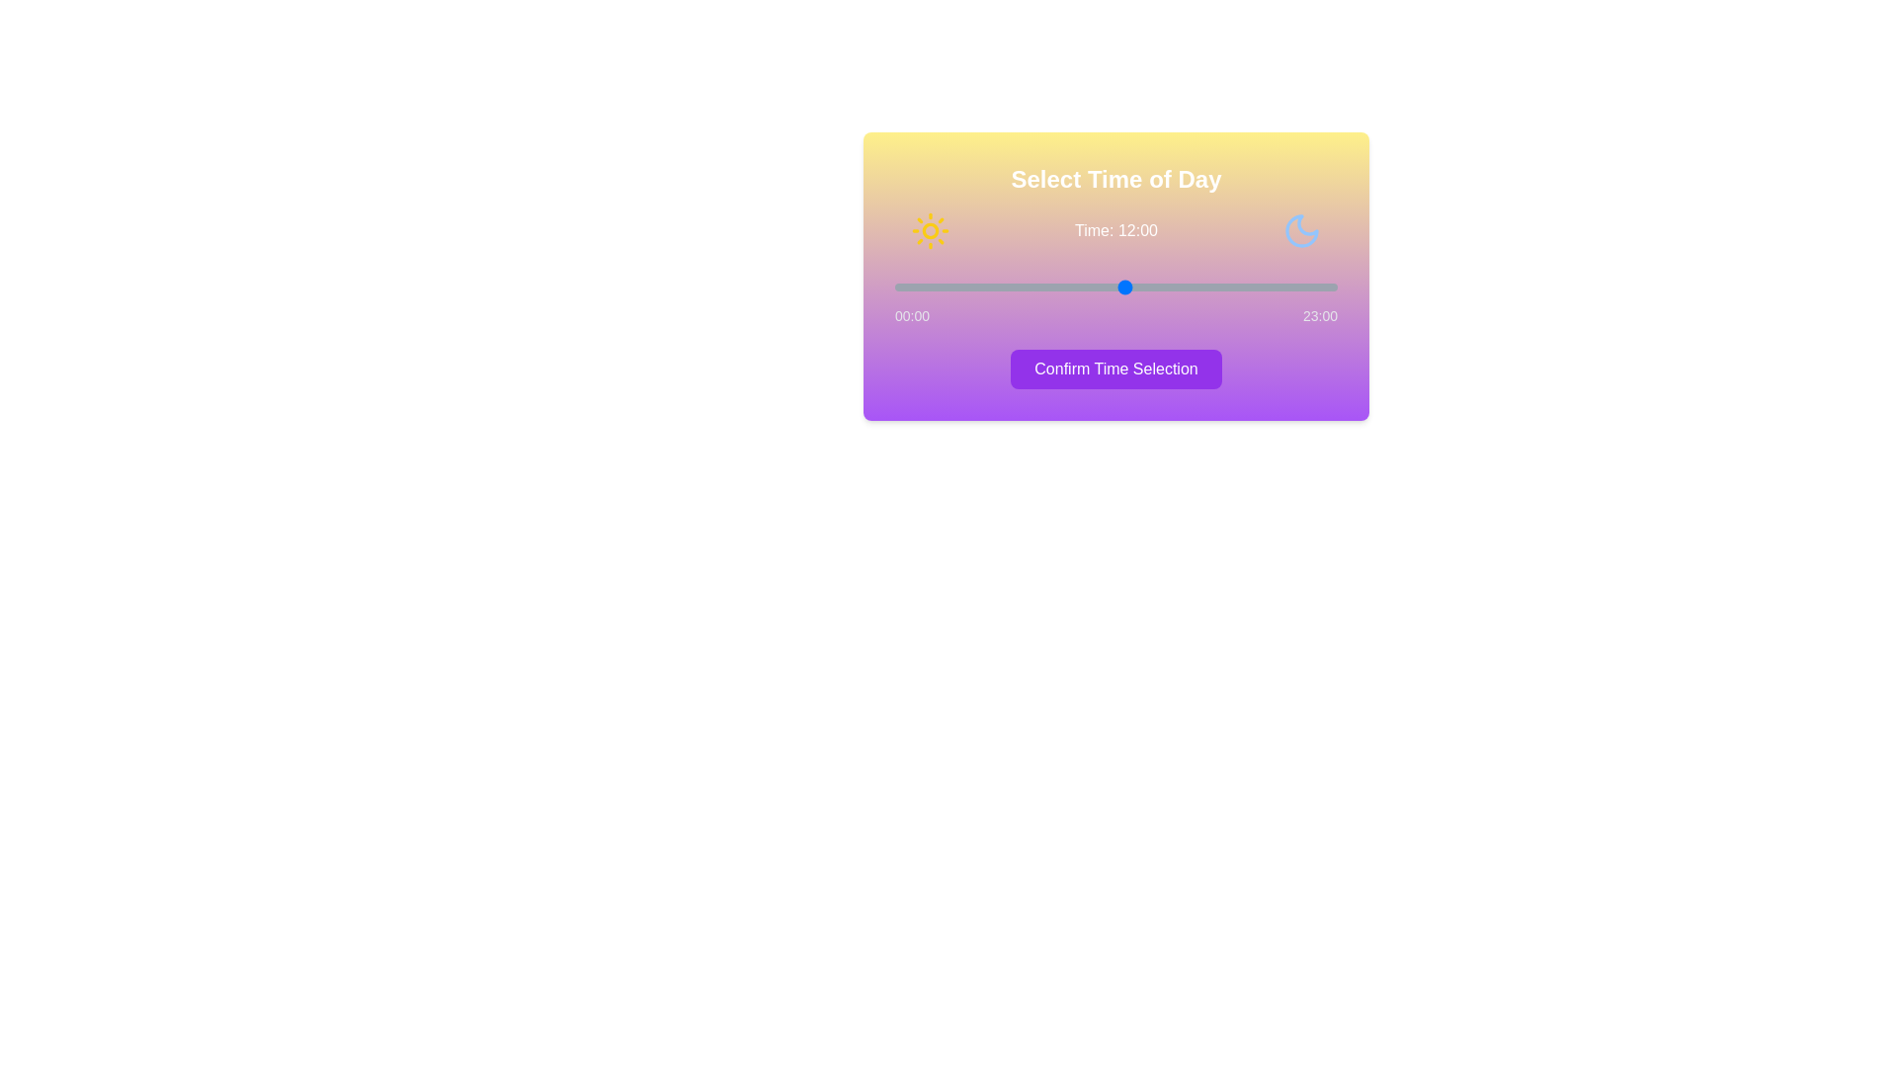 The width and height of the screenshot is (1897, 1067). I want to click on the time slider to set the time to 11, so click(1107, 287).